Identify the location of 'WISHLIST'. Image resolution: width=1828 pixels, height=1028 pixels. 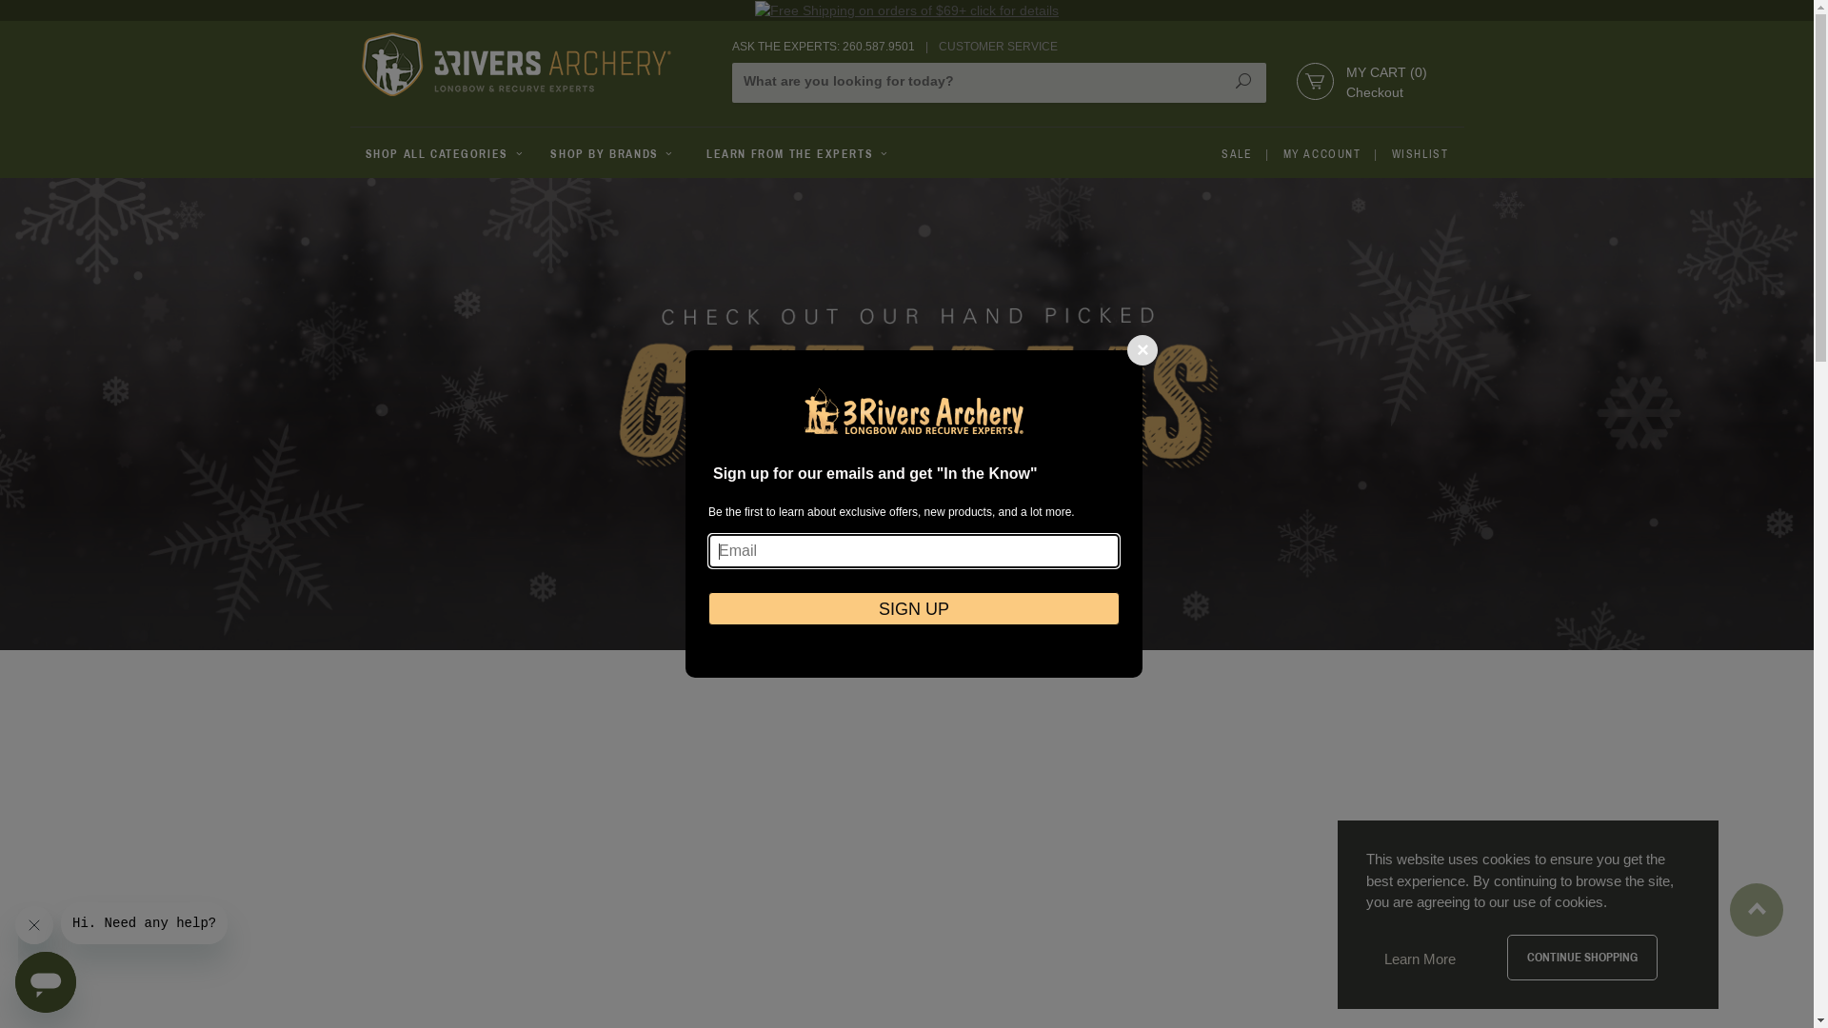
(1376, 153).